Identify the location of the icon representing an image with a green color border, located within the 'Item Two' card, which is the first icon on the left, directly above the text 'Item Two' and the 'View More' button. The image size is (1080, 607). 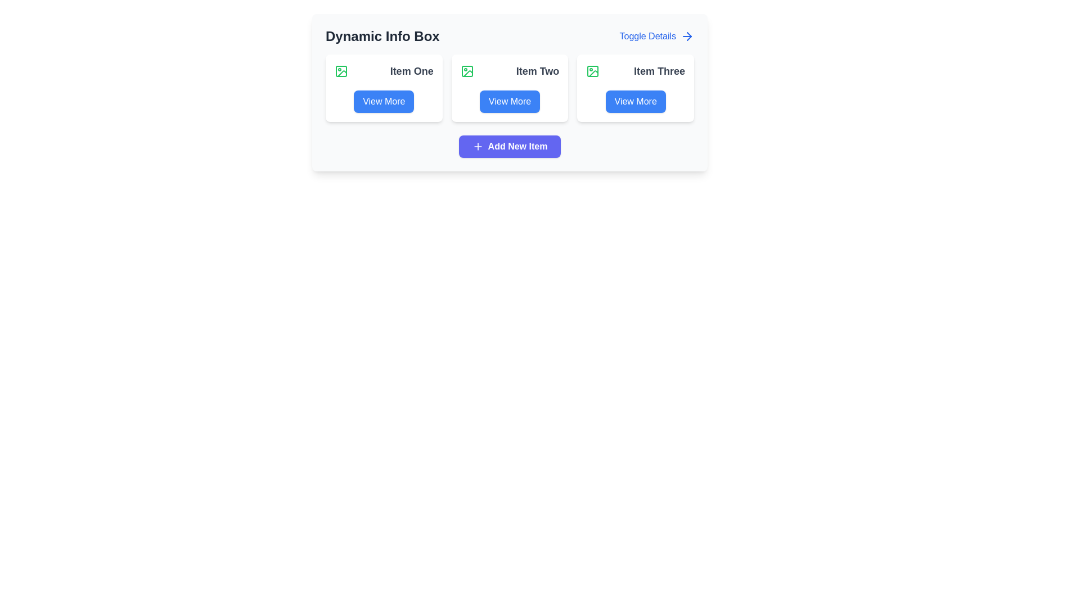
(467, 71).